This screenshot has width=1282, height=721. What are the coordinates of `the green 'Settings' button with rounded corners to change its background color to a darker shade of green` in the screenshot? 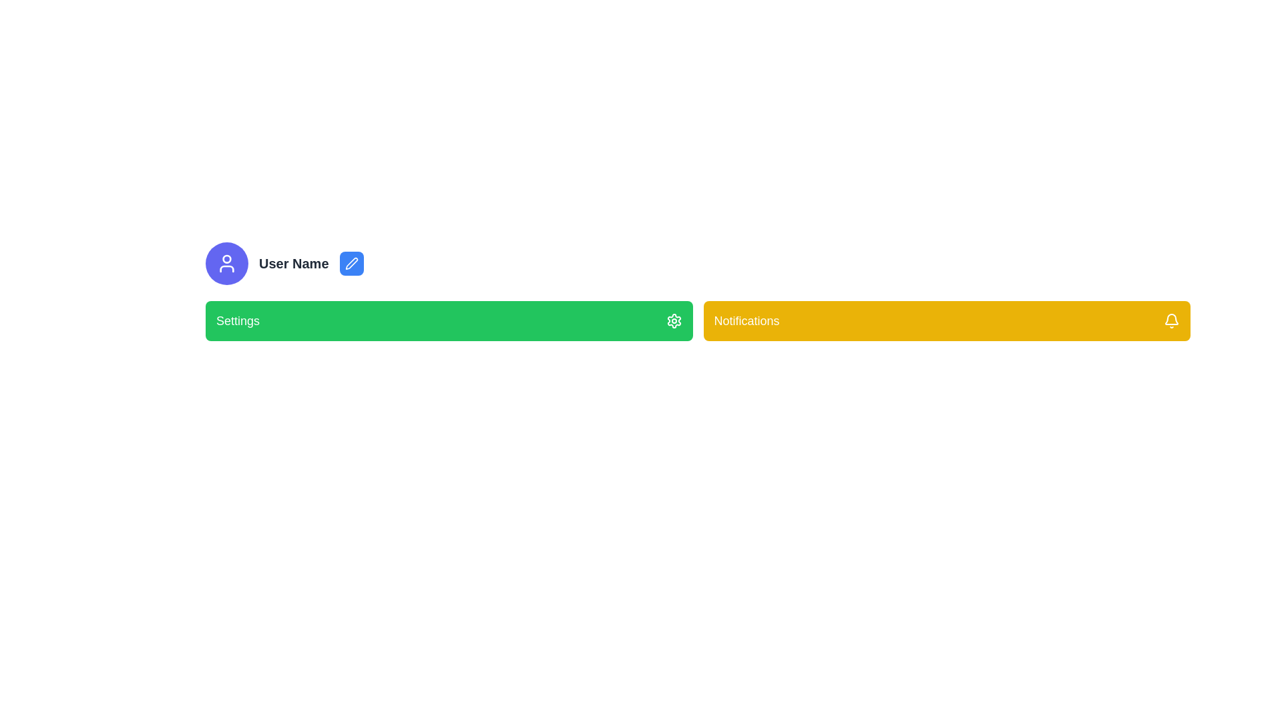 It's located at (449, 321).